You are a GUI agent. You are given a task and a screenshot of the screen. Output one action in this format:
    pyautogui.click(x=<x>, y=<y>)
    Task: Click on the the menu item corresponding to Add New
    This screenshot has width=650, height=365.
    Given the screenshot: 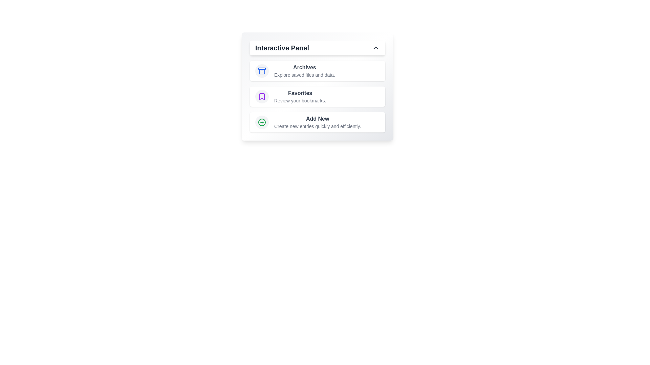 What is the action you would take?
    pyautogui.click(x=317, y=122)
    